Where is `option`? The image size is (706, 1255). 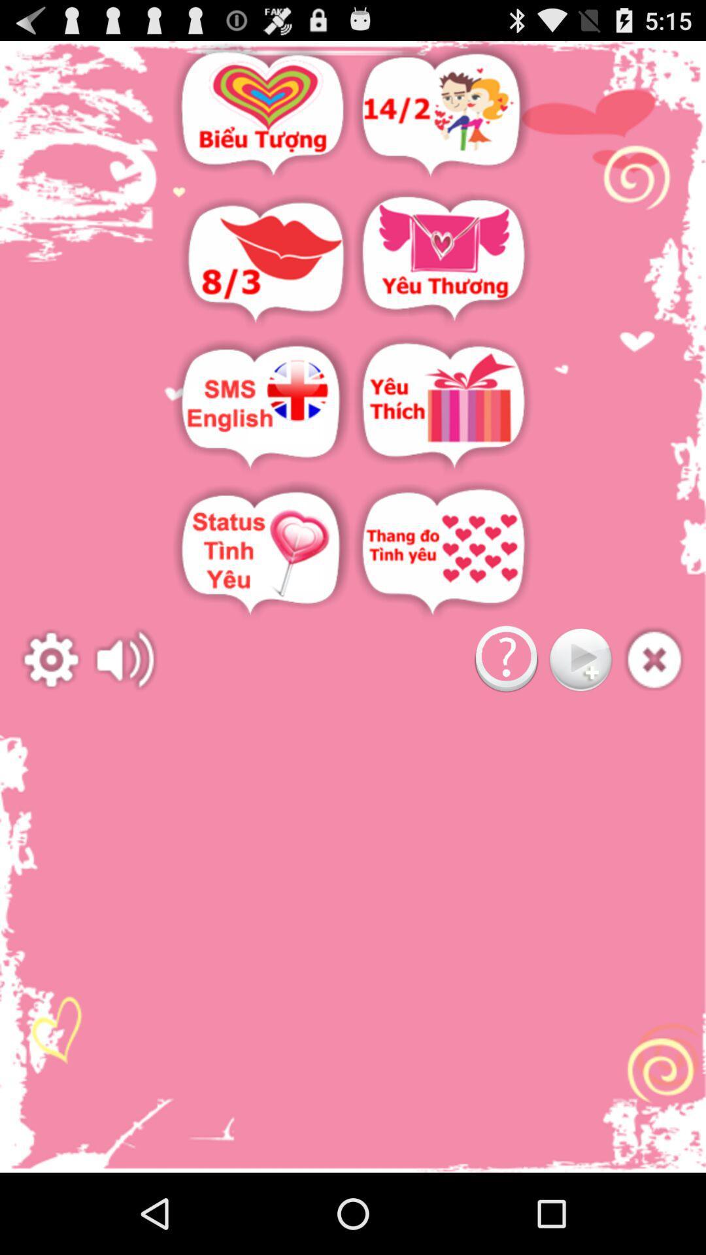 option is located at coordinates (443, 260).